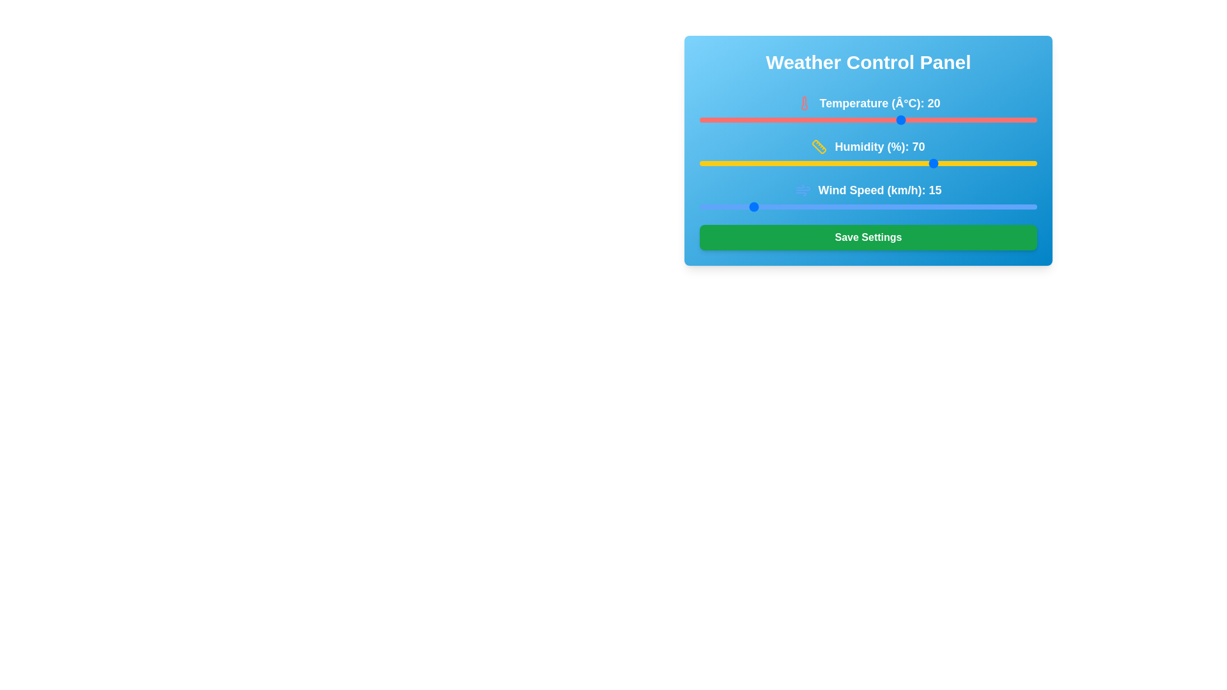 This screenshot has height=690, width=1227. Describe the element at coordinates (992, 162) in the screenshot. I see `the humidity slider` at that location.